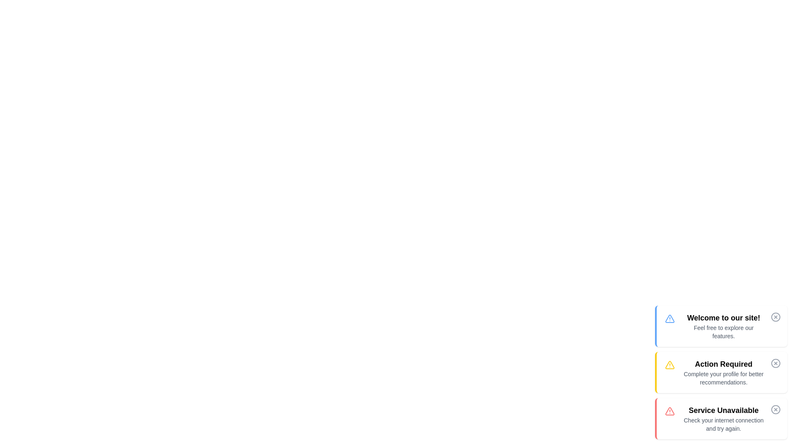 This screenshot has width=794, height=446. What do you see at coordinates (670, 318) in the screenshot?
I see `the alert or warning icon located on the left side of the first alert card in the topmost row of alert messages` at bounding box center [670, 318].